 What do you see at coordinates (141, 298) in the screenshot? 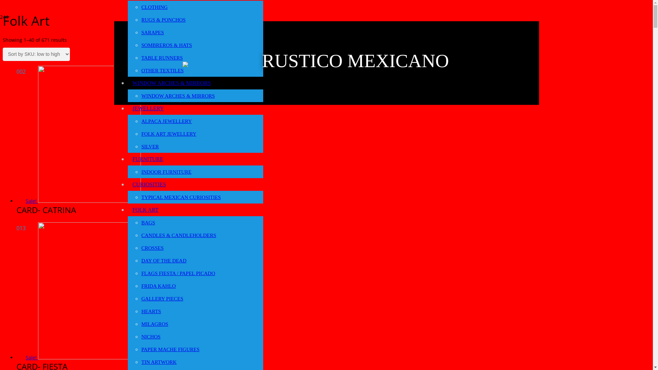
I see `'GALLERY PIECES'` at bounding box center [141, 298].